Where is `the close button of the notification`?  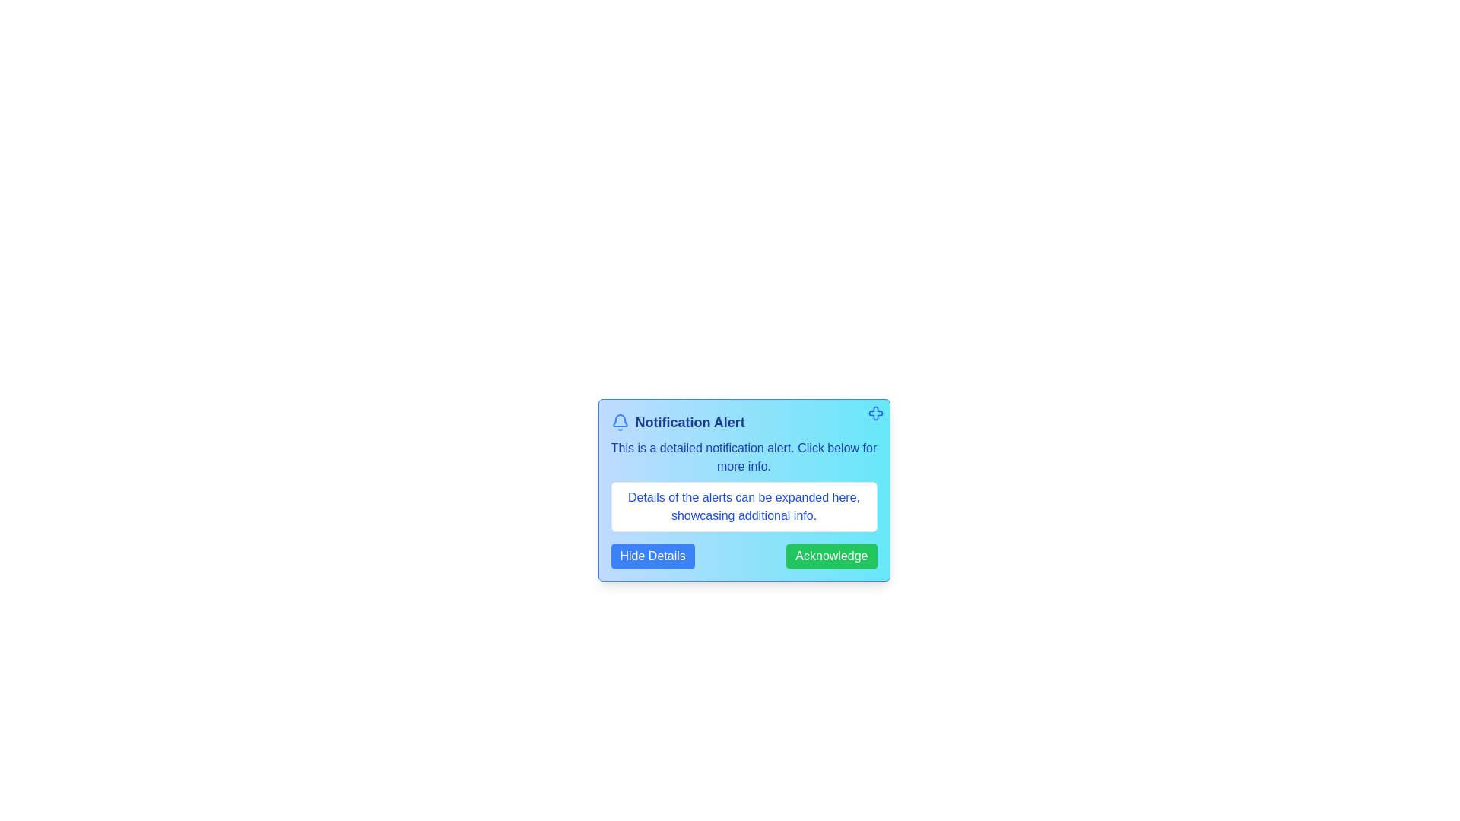
the close button of the notification is located at coordinates (875, 413).